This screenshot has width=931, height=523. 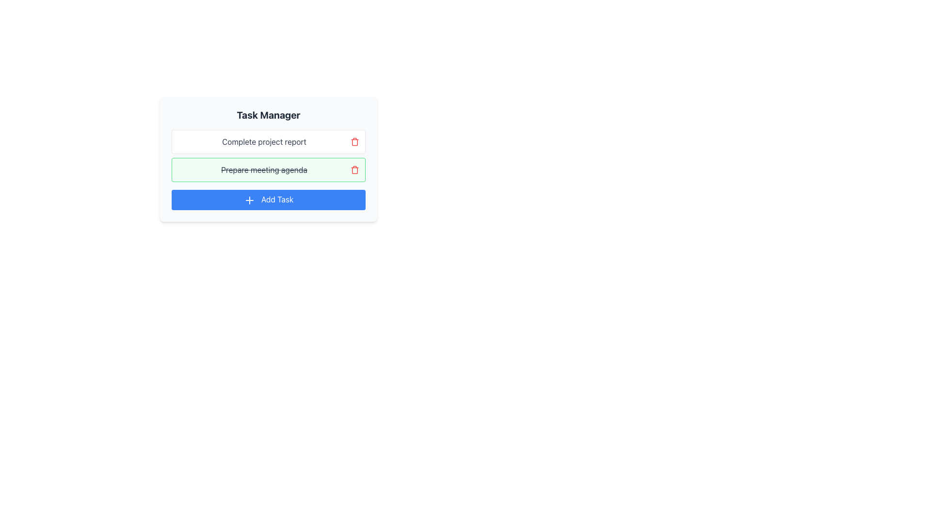 What do you see at coordinates (268, 155) in the screenshot?
I see `the List component` at bounding box center [268, 155].